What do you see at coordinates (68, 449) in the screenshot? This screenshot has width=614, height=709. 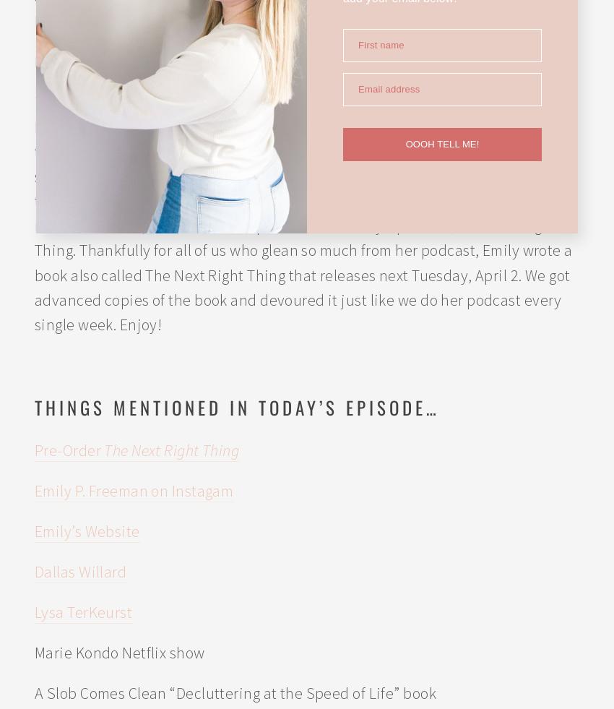 I see `'Pre-Order'` at bounding box center [68, 449].